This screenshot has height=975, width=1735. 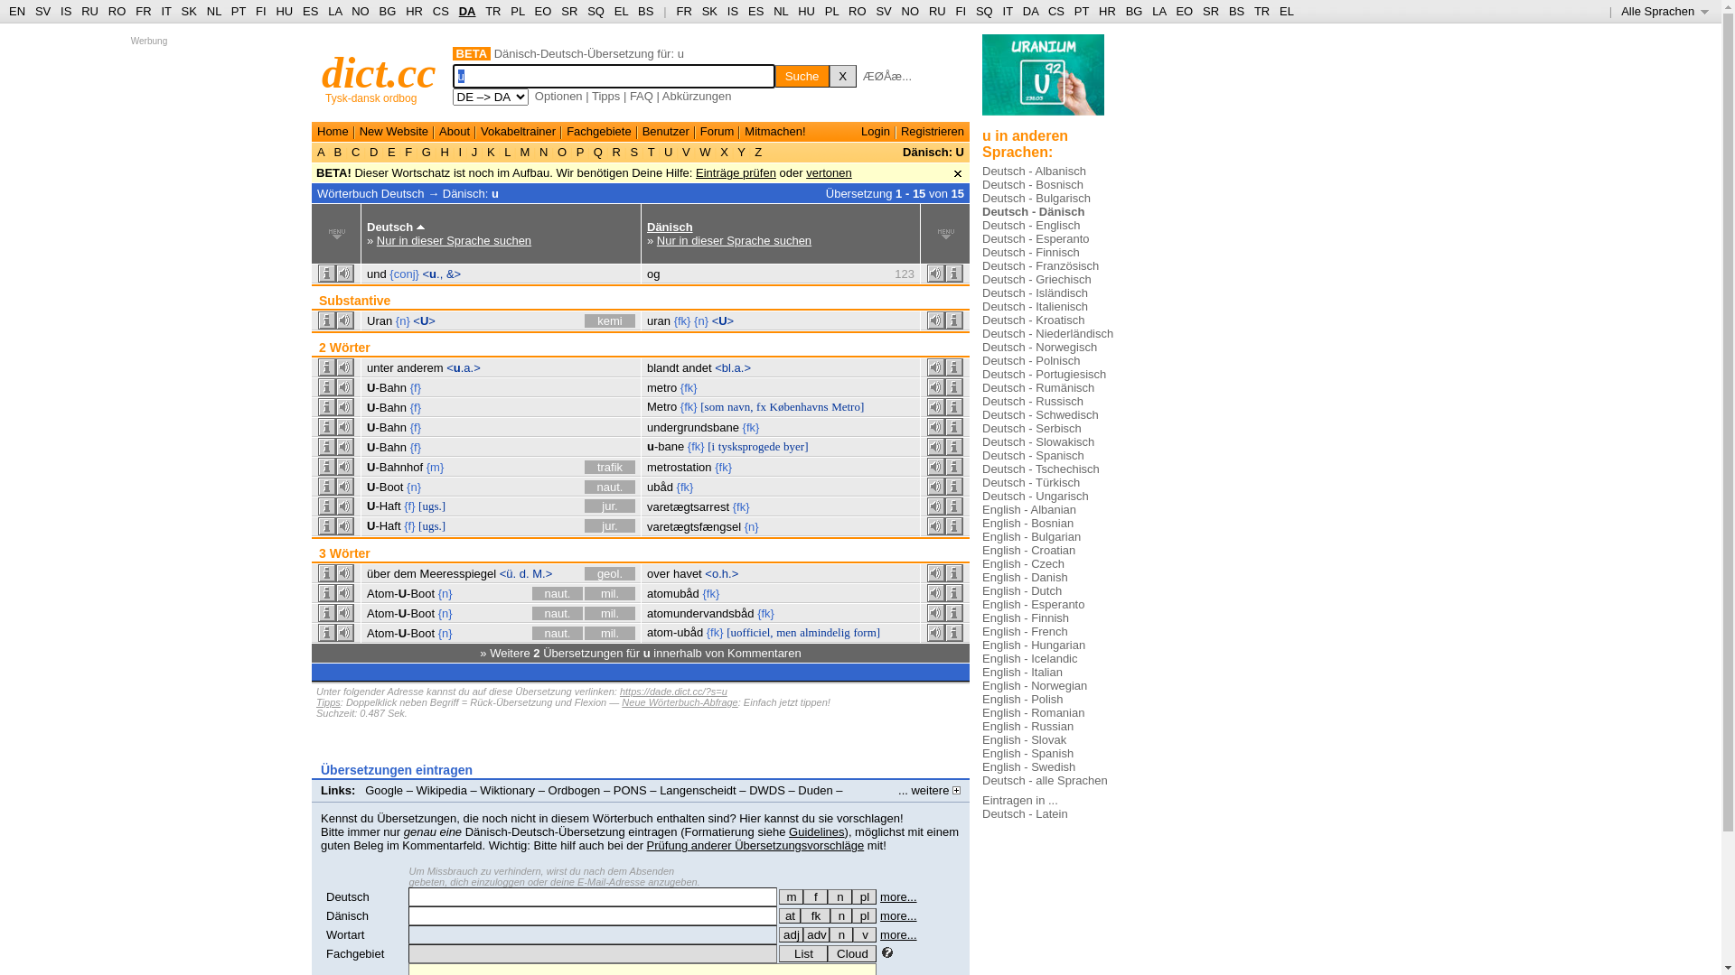 What do you see at coordinates (823, 631) in the screenshot?
I see `'almindelig'` at bounding box center [823, 631].